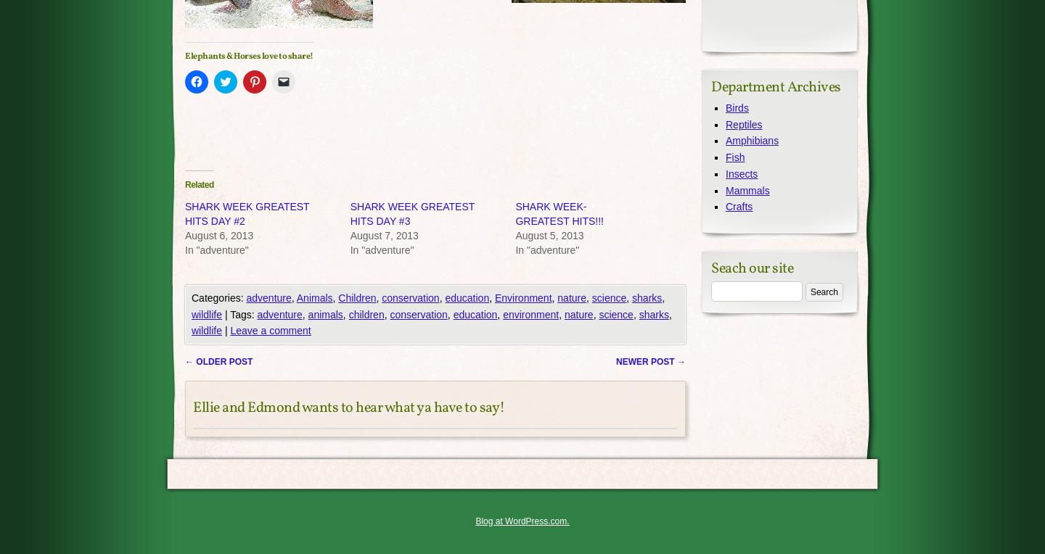 The width and height of the screenshot is (1045, 554). What do you see at coordinates (243, 314) in the screenshot?
I see `'Tags:'` at bounding box center [243, 314].